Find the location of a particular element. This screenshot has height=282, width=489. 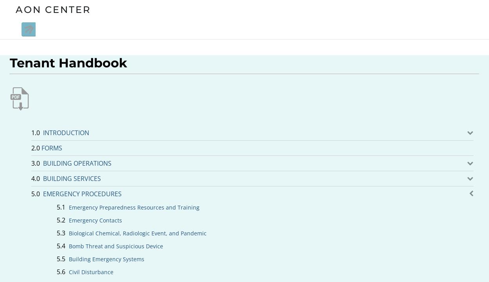

'Biological Chemical, Radiologic Event, and Pandemic' is located at coordinates (137, 233).